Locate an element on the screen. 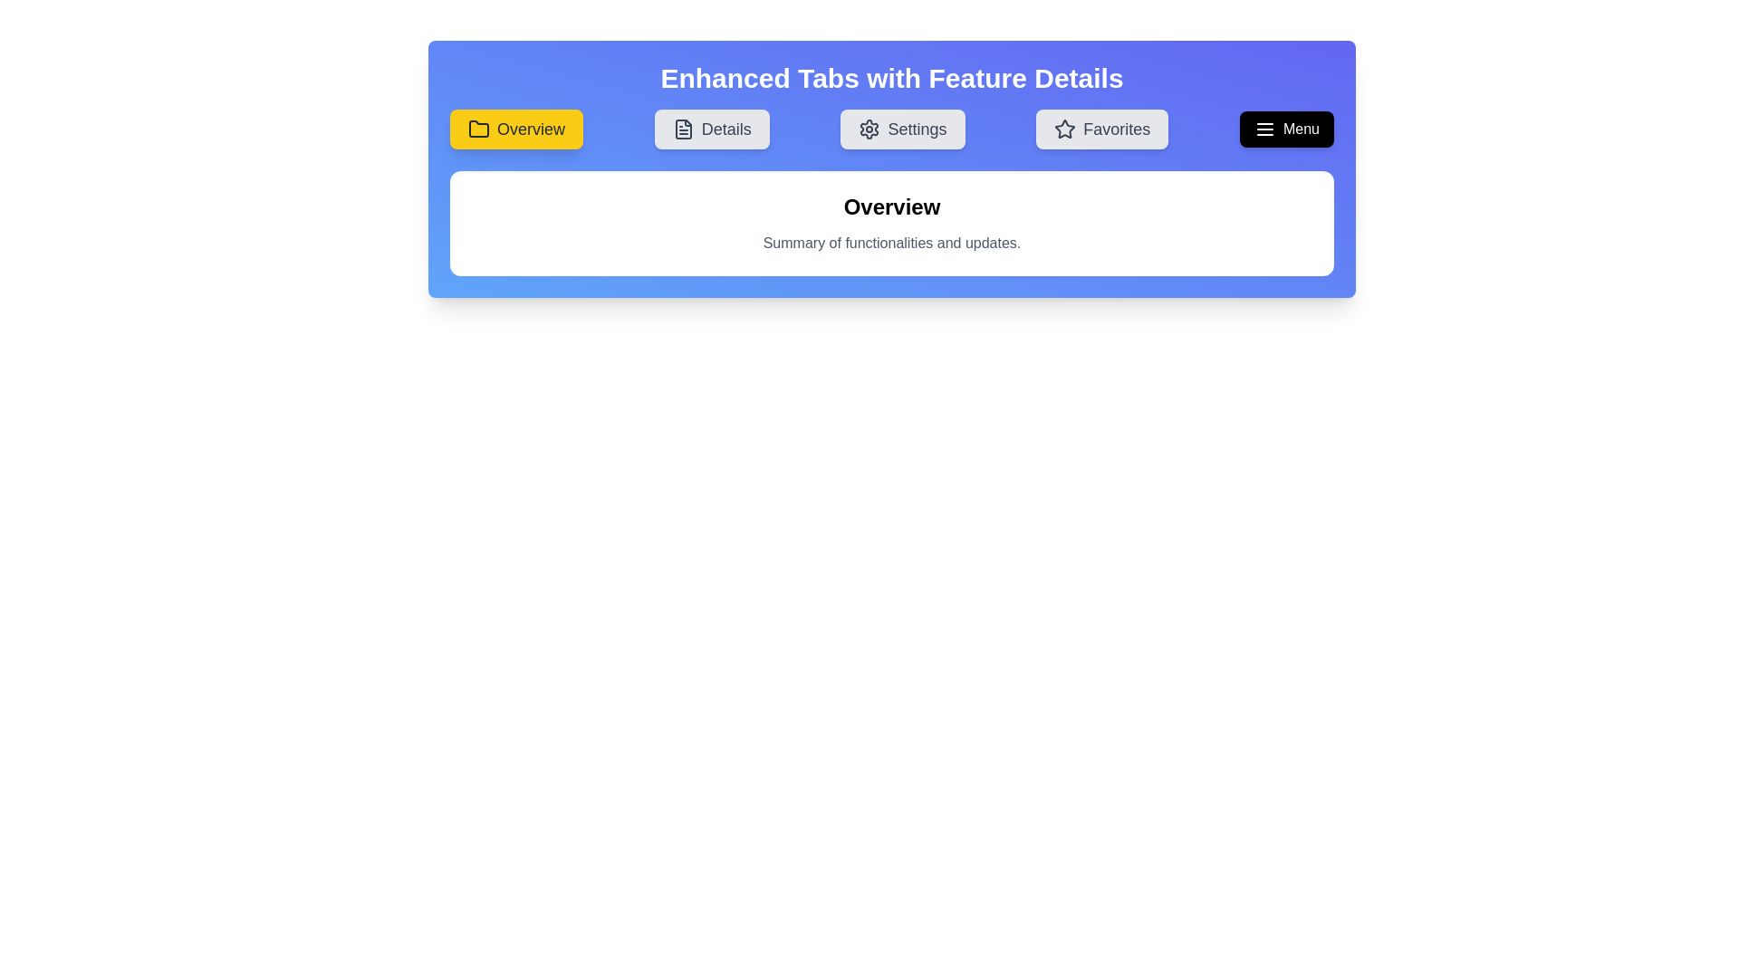  the 'Overview' button located in the navigation bar at the top of the interface, which is visually represented by a folder SVG icon is located at coordinates (478, 128).